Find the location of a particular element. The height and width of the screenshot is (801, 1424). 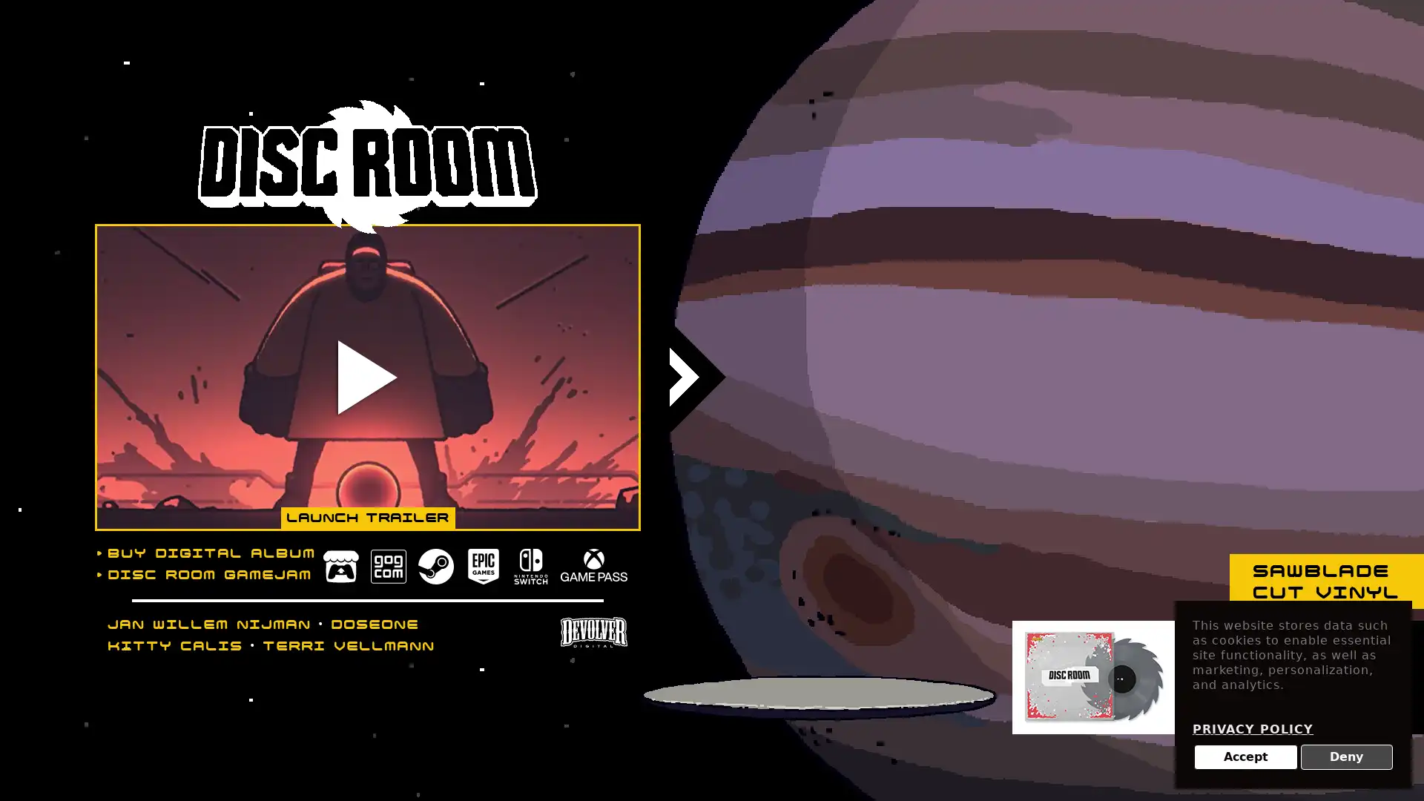

Deny is located at coordinates (1346, 757).